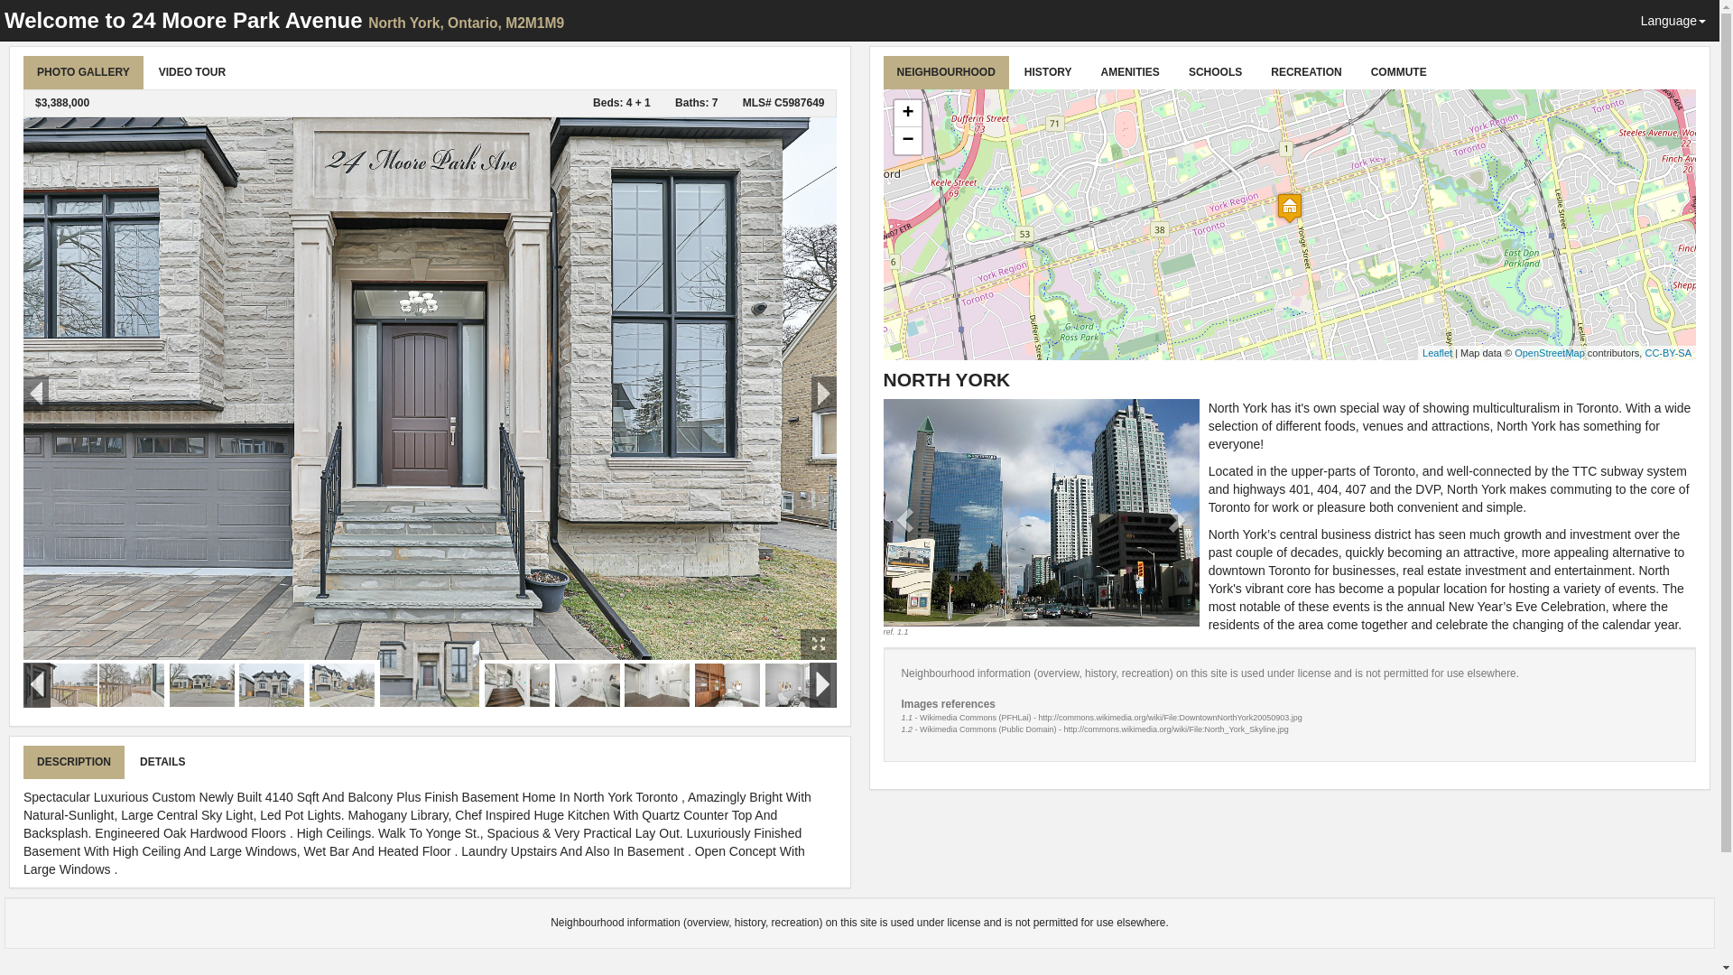 The height and width of the screenshot is (975, 1733). I want to click on 'DETAILS', so click(125, 762).